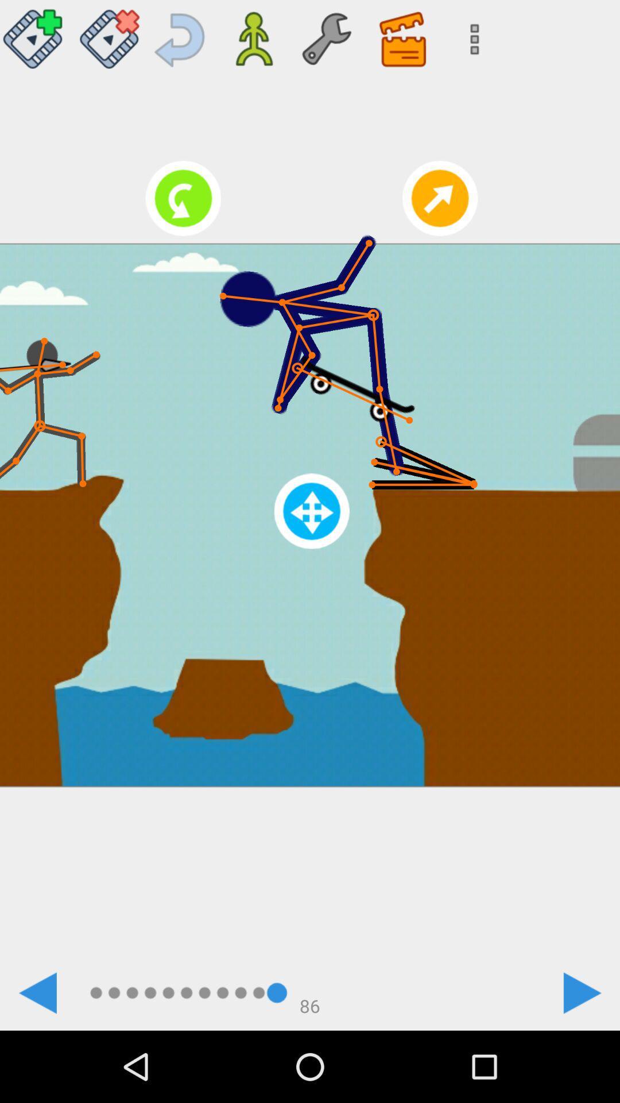  What do you see at coordinates (36, 34) in the screenshot?
I see `video` at bounding box center [36, 34].